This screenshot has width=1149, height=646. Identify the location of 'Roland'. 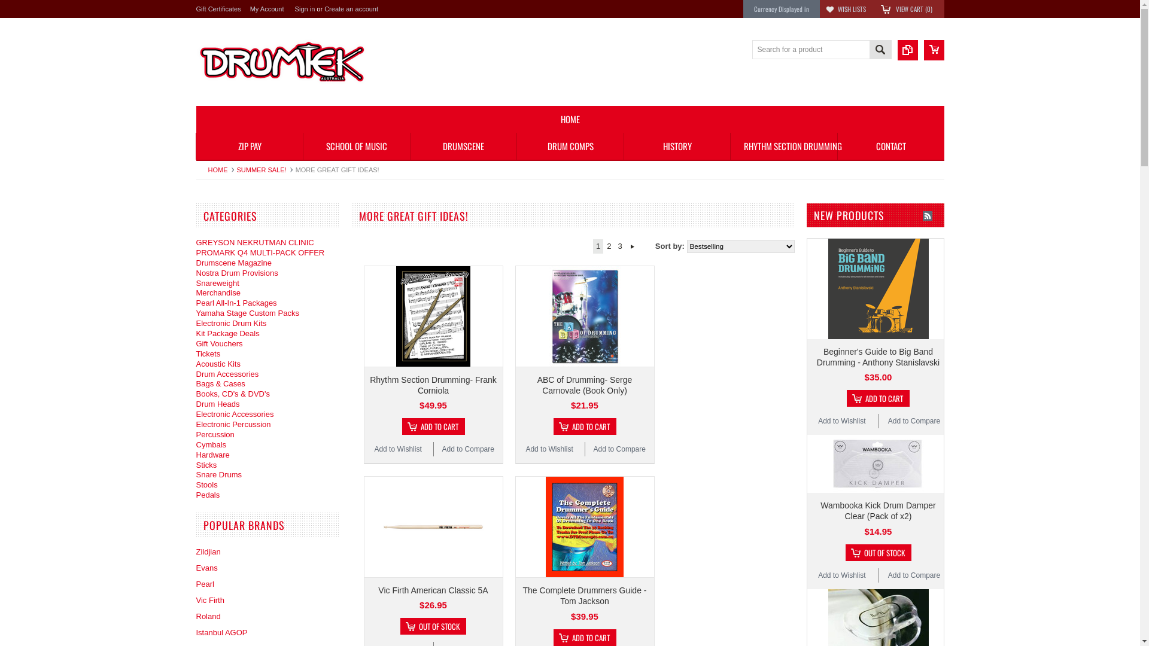
(196, 616).